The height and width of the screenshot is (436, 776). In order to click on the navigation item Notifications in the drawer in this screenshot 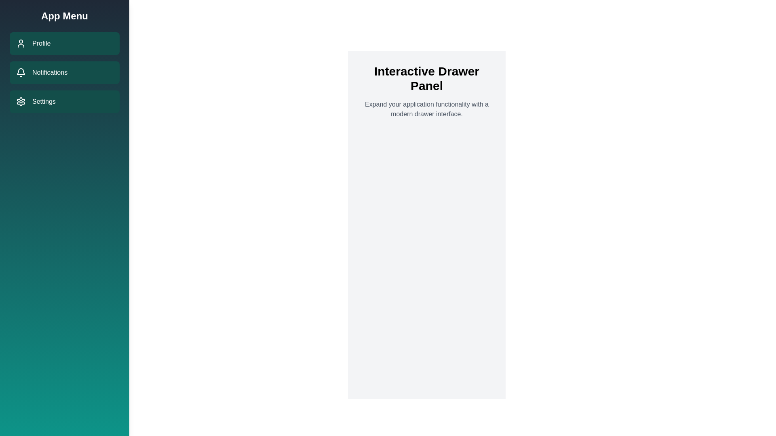, I will do `click(64, 73)`.